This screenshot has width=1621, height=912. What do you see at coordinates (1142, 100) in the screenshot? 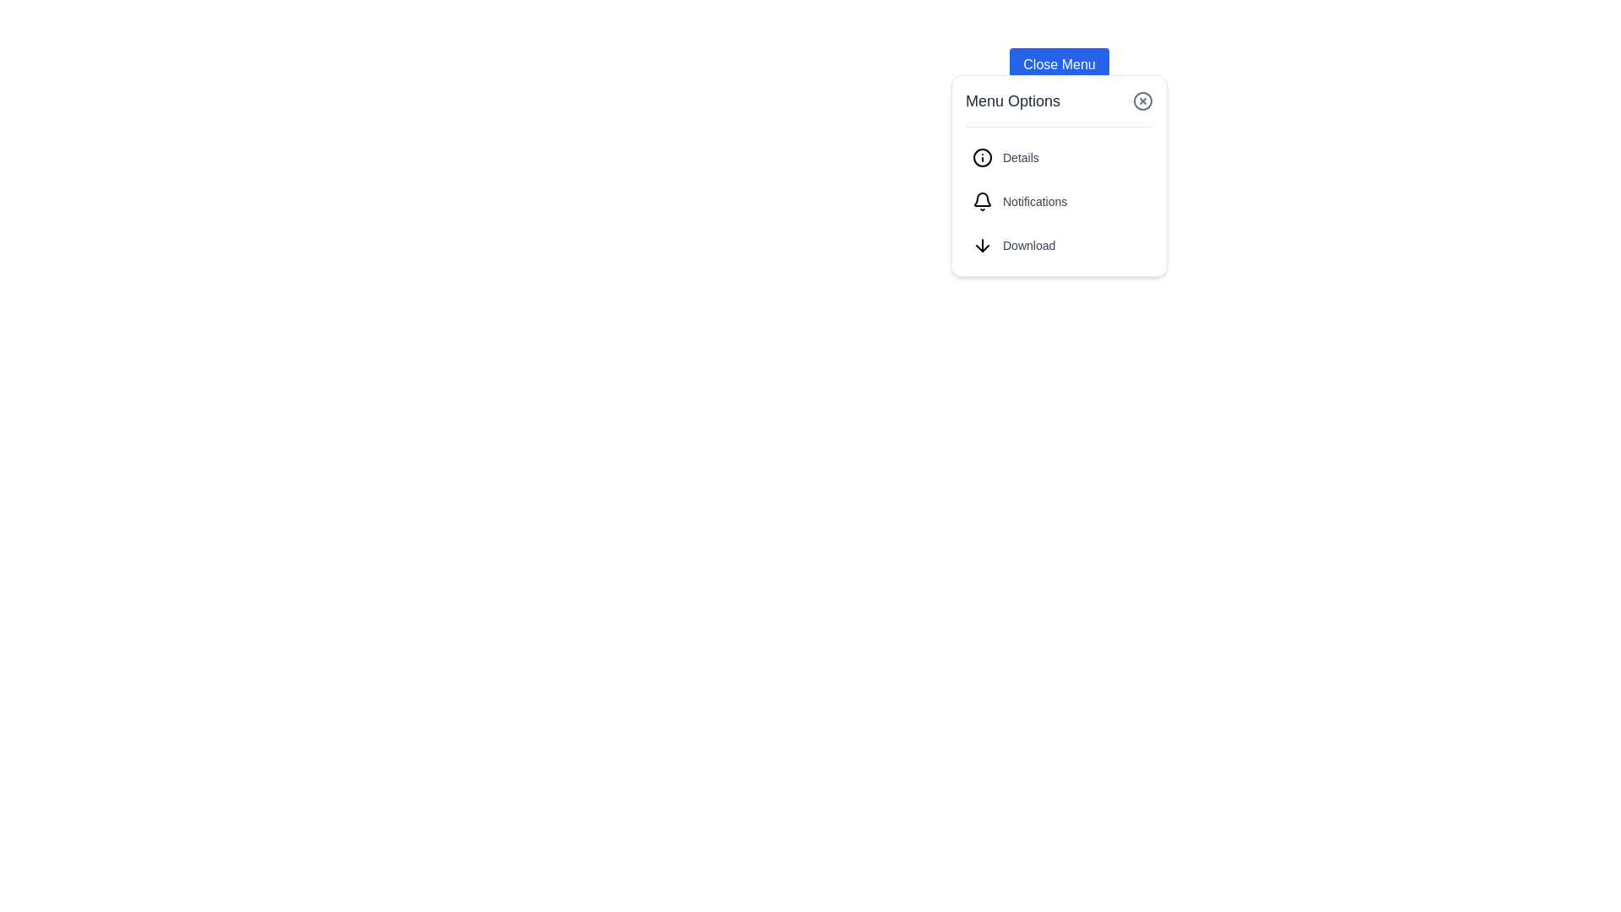
I see `the close icon located in the upper-right corner of the 'Menu Options' dialog` at bounding box center [1142, 100].